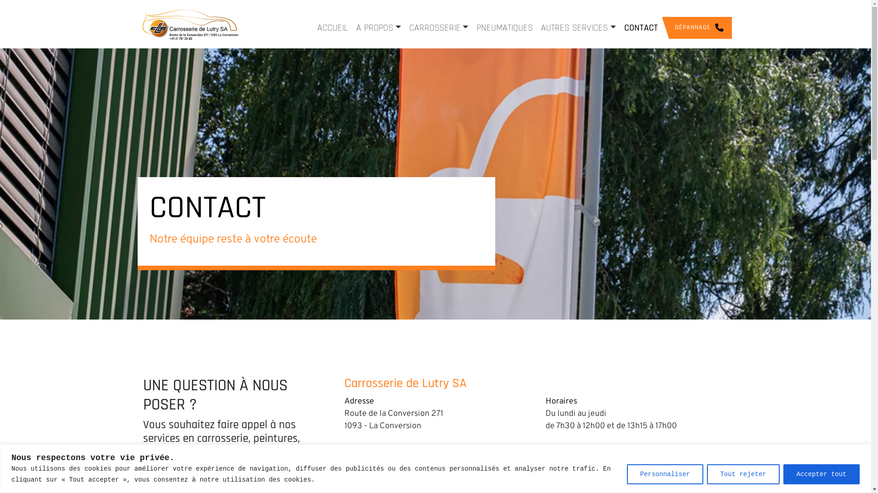 This screenshot has height=493, width=878. Describe the element at coordinates (438, 27) in the screenshot. I see `'CARROSSERIE'` at that location.